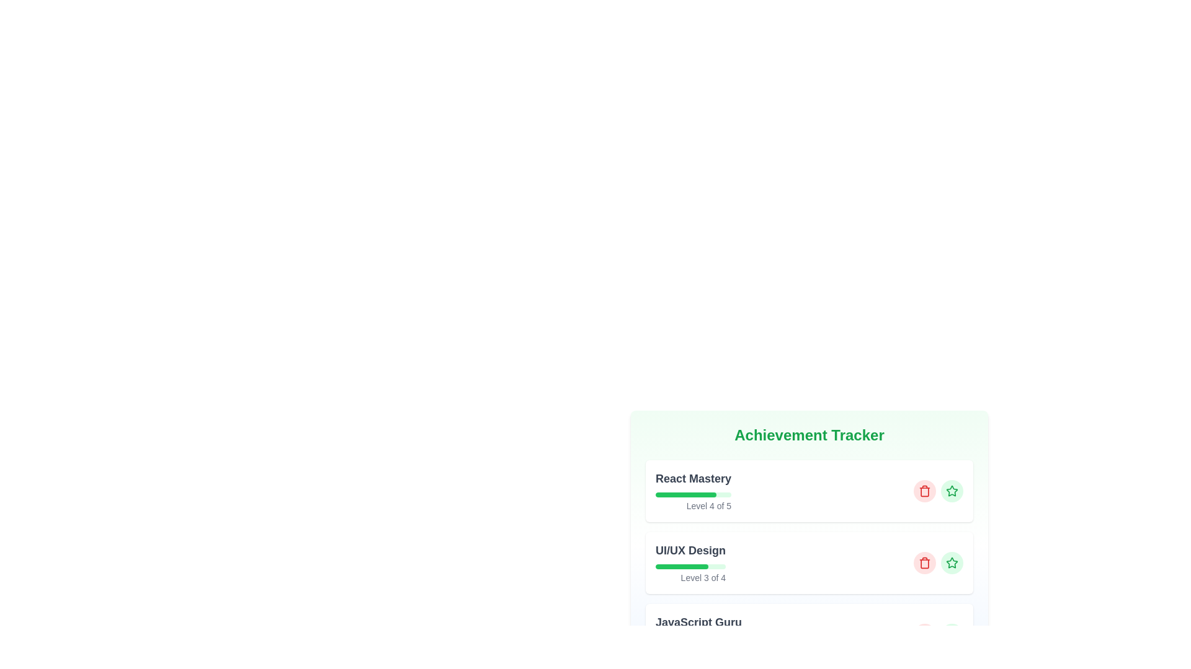 Image resolution: width=1191 pixels, height=669 pixels. I want to click on the thin horizontal progress bar with a rounded green background, which is positioned between the 'React Mastery' text and the 'Level 4 of 5' text within the card interface titled 'React Mastery', so click(693, 494).